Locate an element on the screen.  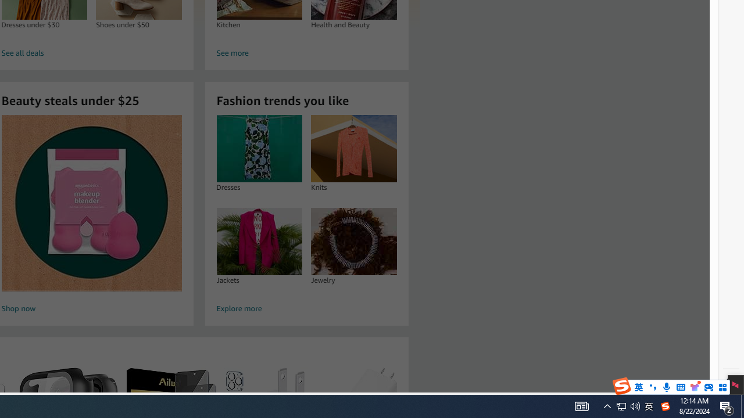
'Knits' is located at coordinates (353, 148).